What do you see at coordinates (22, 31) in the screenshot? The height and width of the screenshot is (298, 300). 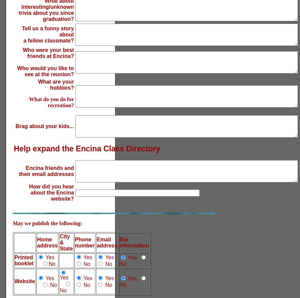 I see `'Tell us a funny story about'` at bounding box center [22, 31].